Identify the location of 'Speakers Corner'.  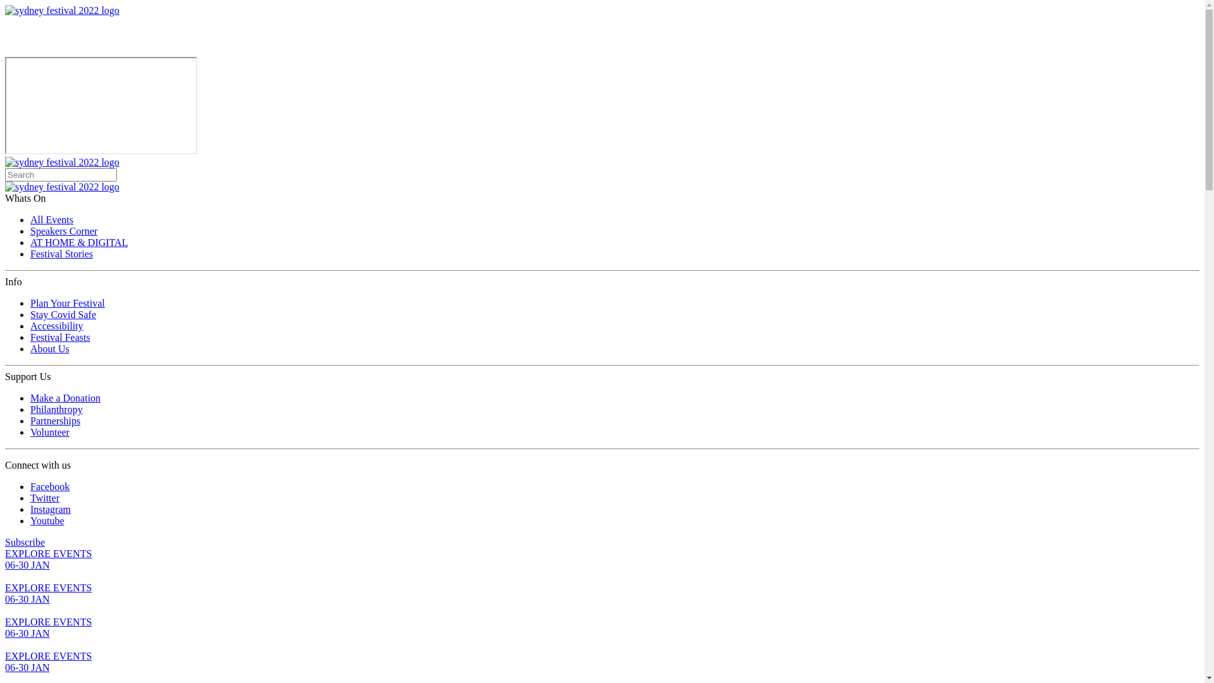
(63, 231).